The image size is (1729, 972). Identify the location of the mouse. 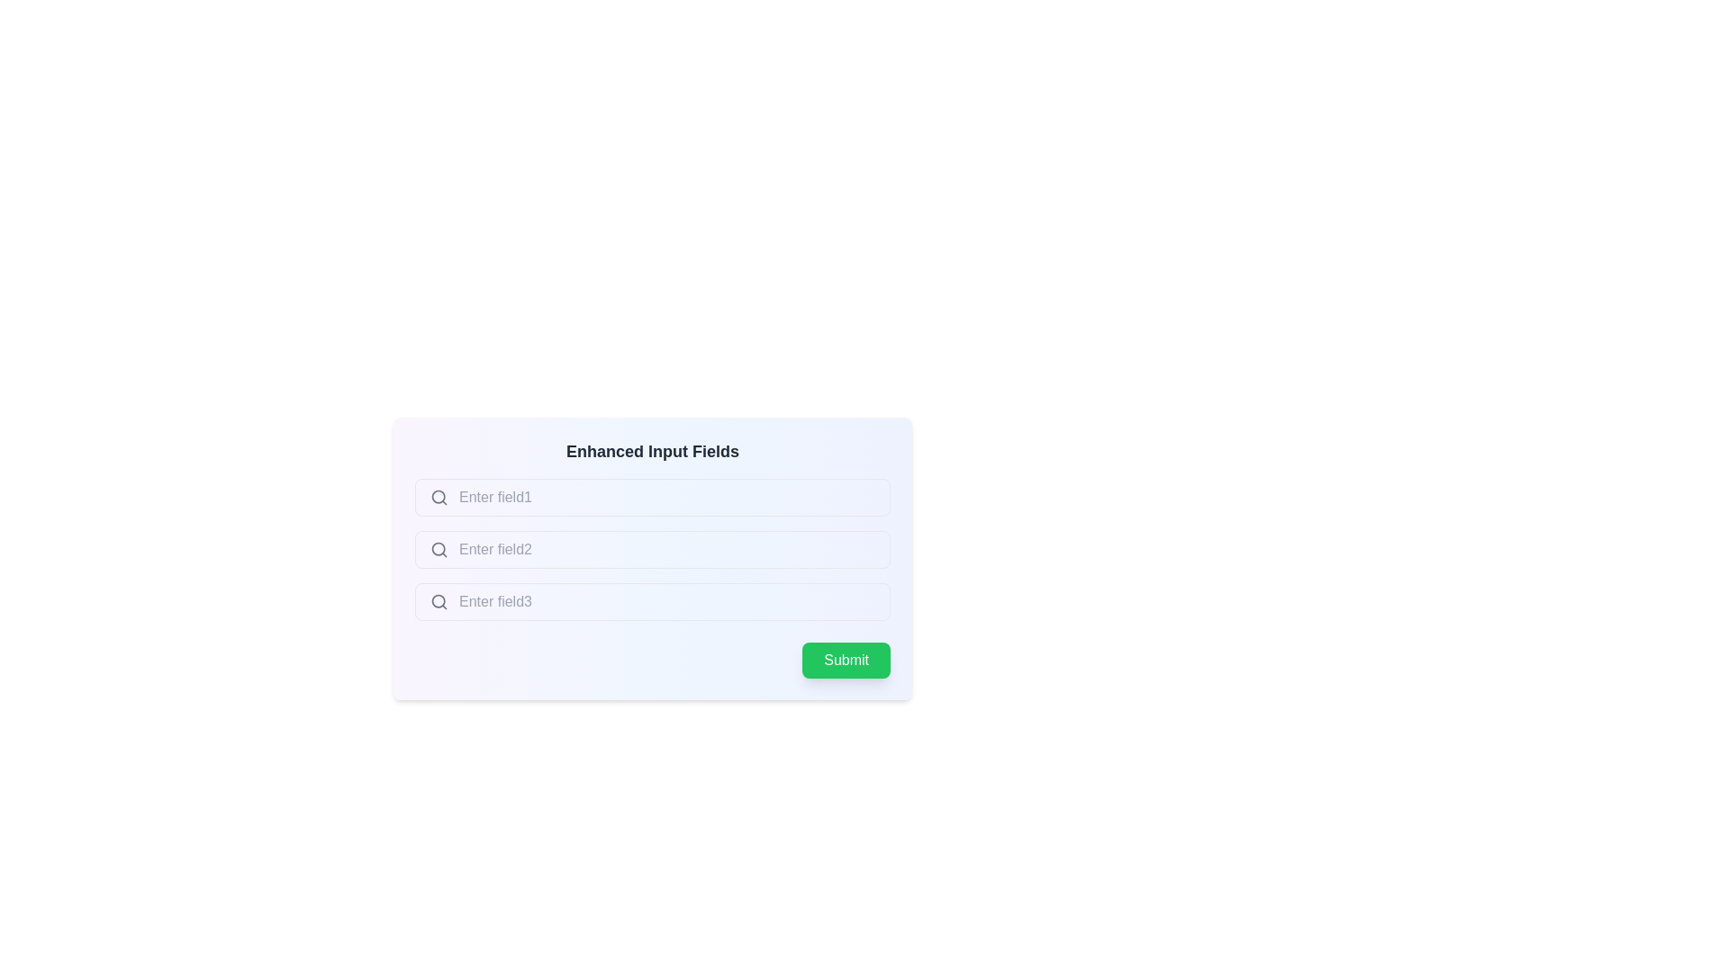
(651, 548).